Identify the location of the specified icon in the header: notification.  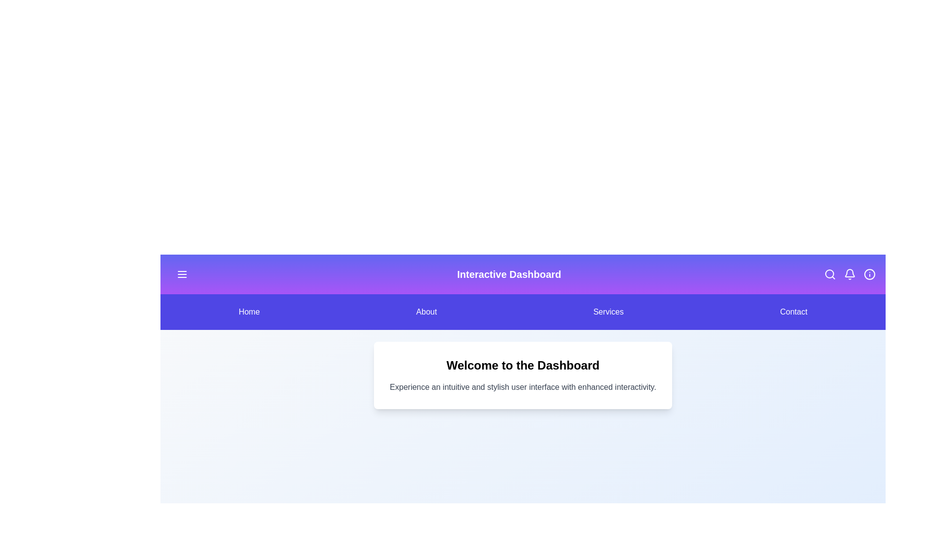
(849, 274).